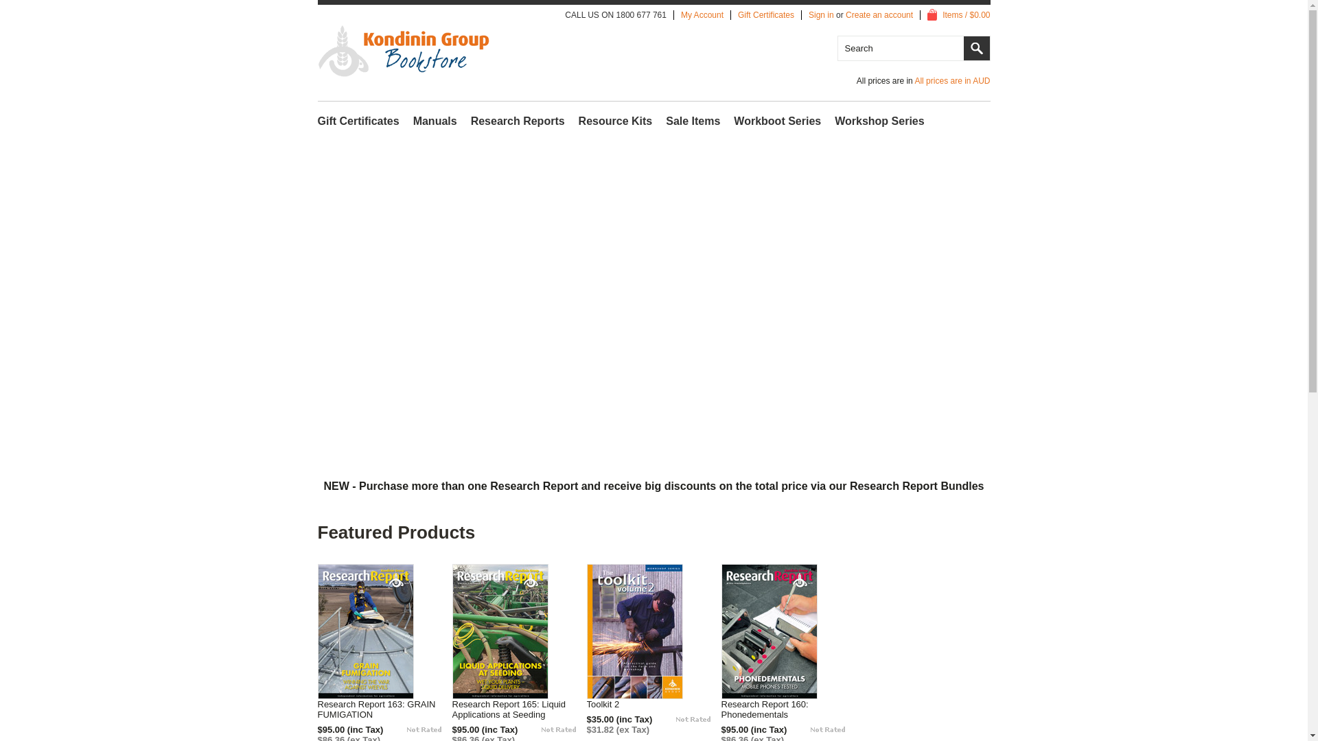 This screenshot has width=1318, height=741. Describe the element at coordinates (765, 15) in the screenshot. I see `'Gift Certificates'` at that location.